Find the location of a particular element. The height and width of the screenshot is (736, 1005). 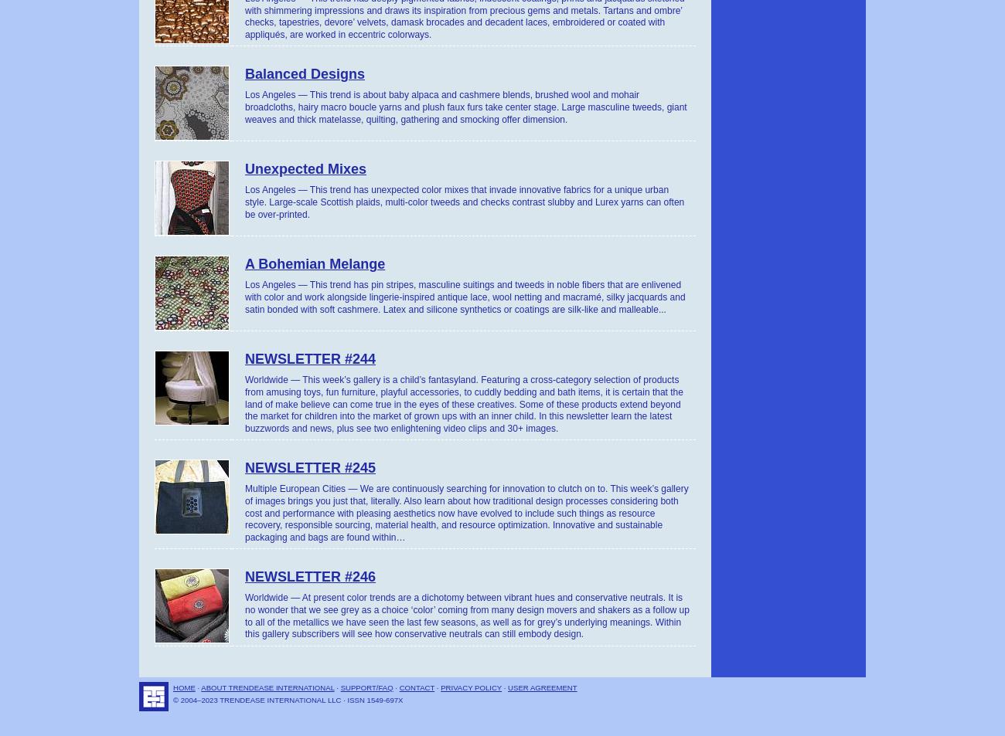

'Contact' is located at coordinates (416, 687).